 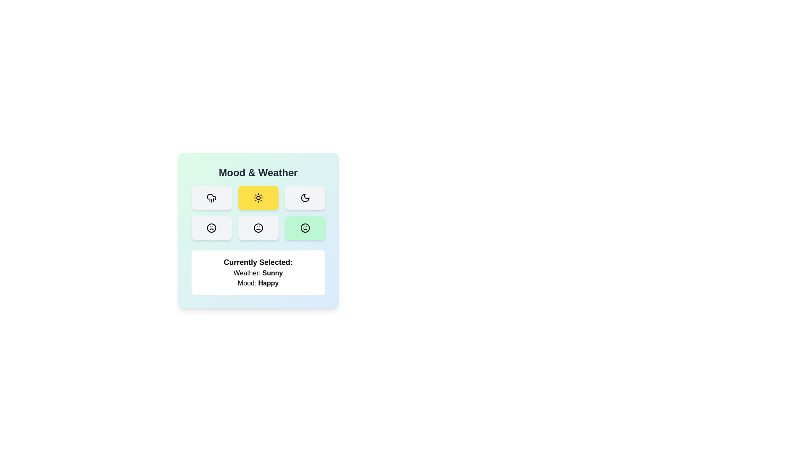 What do you see at coordinates (304, 228) in the screenshot?
I see `the happy mood icon located in the second row and middle column of the Mood & Weather section` at bounding box center [304, 228].